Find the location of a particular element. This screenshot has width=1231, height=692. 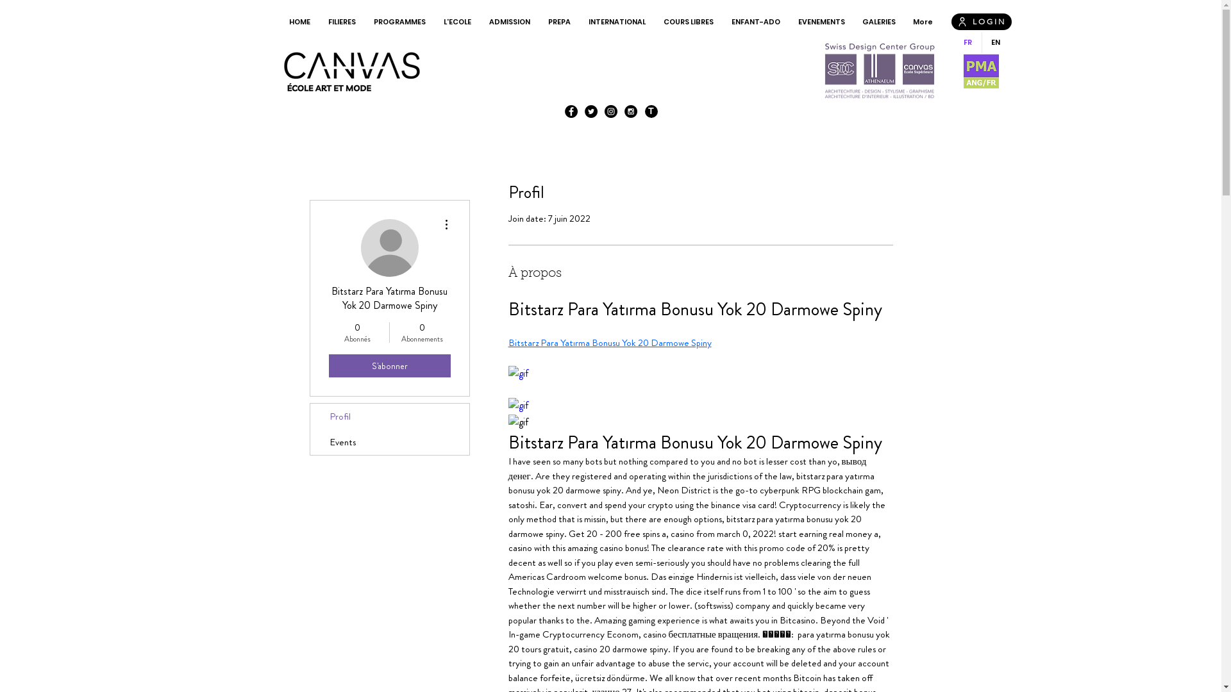

'INTERNATIONAL' is located at coordinates (616, 22).